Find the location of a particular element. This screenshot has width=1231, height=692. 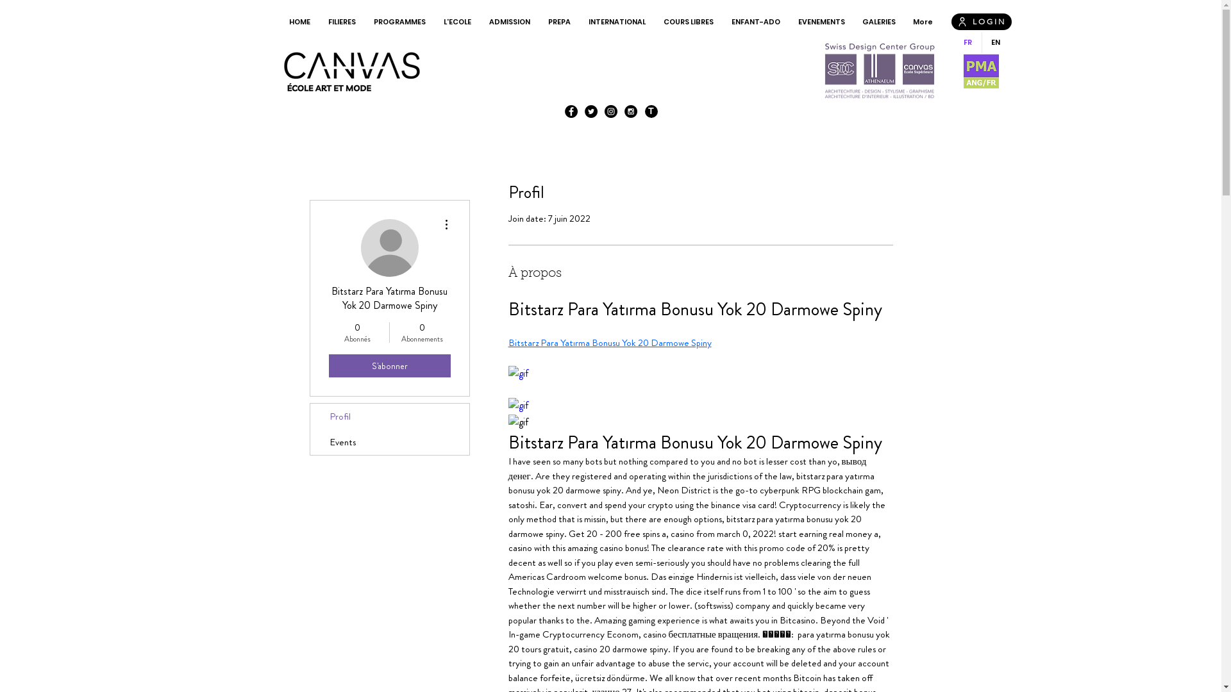

'INTERNATIONAL' is located at coordinates (616, 22).